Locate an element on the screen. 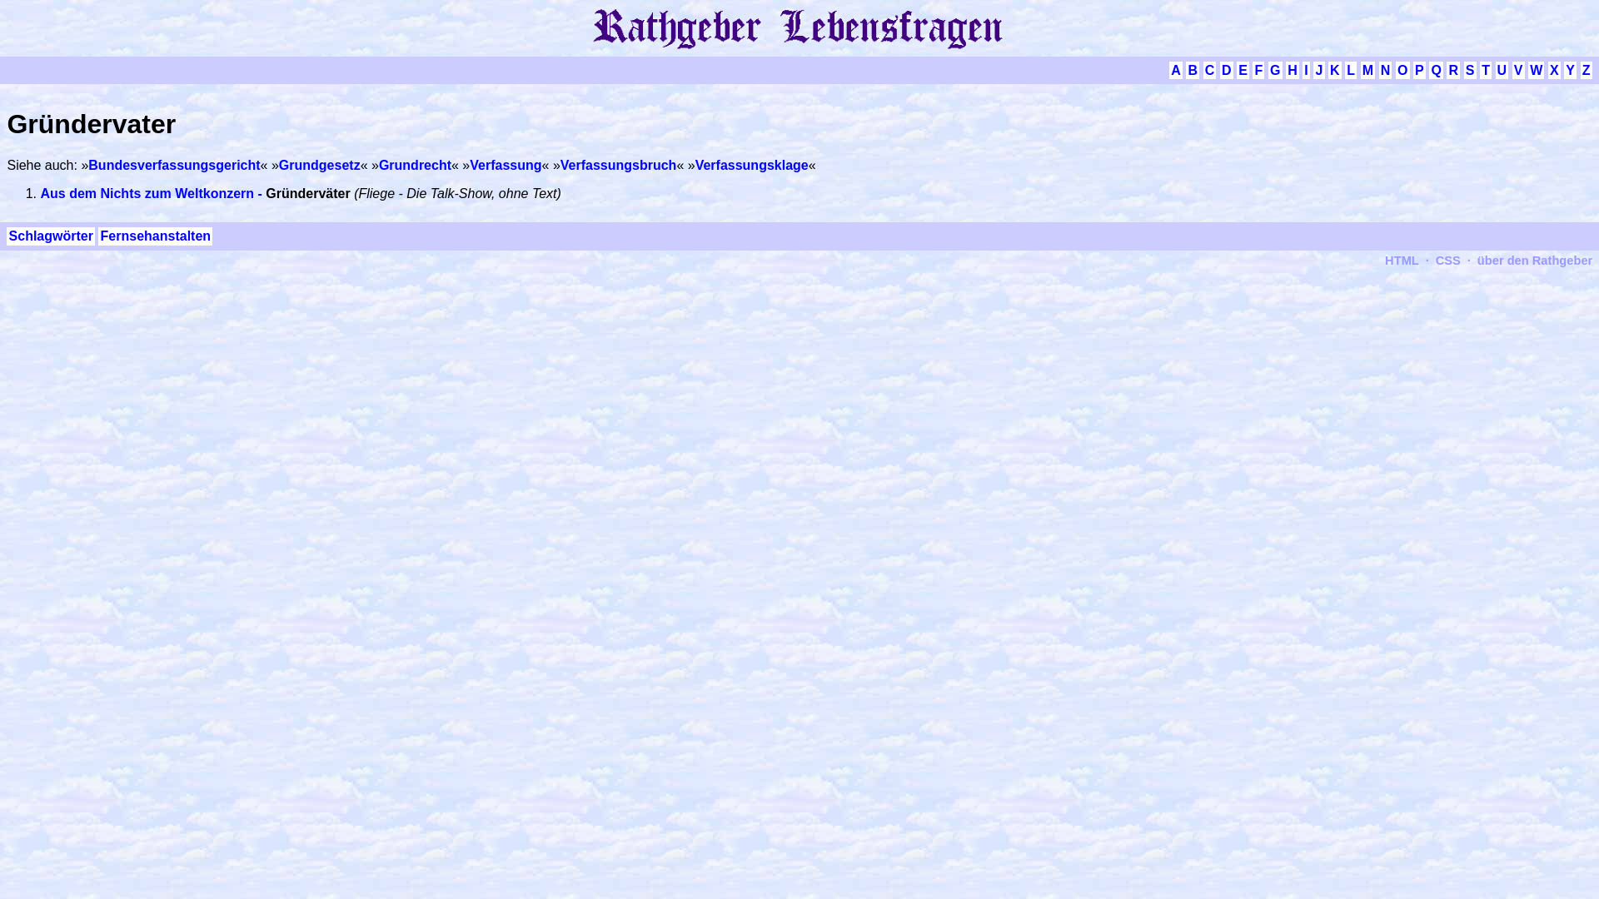 This screenshot has width=1599, height=899. 'K' is located at coordinates (1327, 69).